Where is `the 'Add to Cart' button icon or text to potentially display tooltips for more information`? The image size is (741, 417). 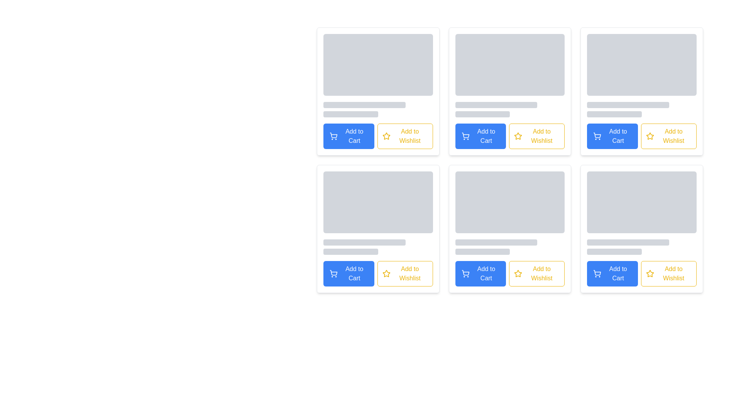 the 'Add to Cart' button icon or text to potentially display tooltips for more information is located at coordinates (510, 273).